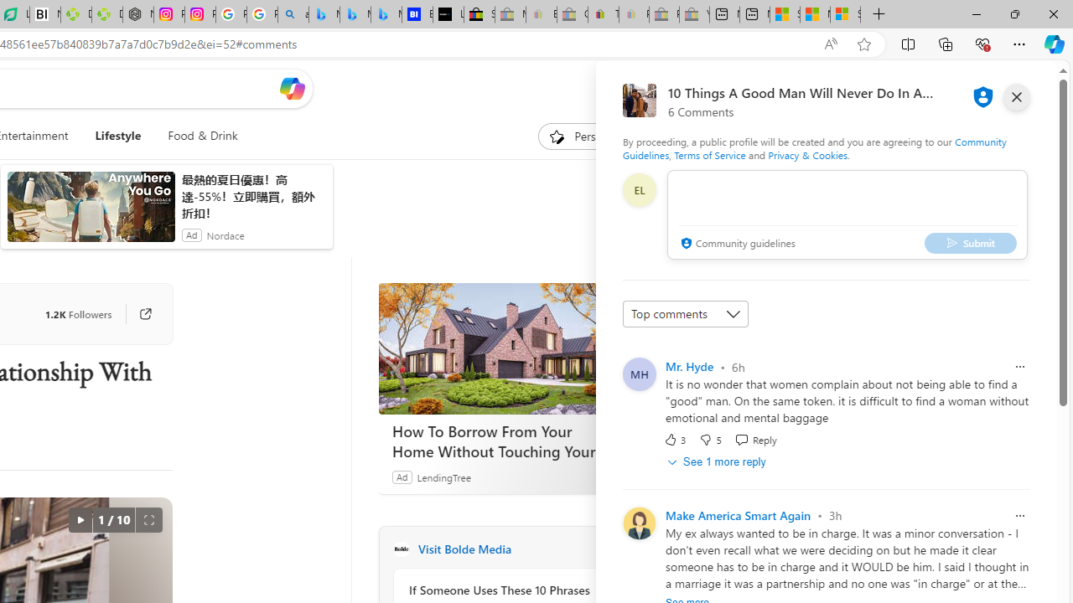 This screenshot has height=603, width=1073. What do you see at coordinates (685, 314) in the screenshot?
I see `'Sort comments by'` at bounding box center [685, 314].